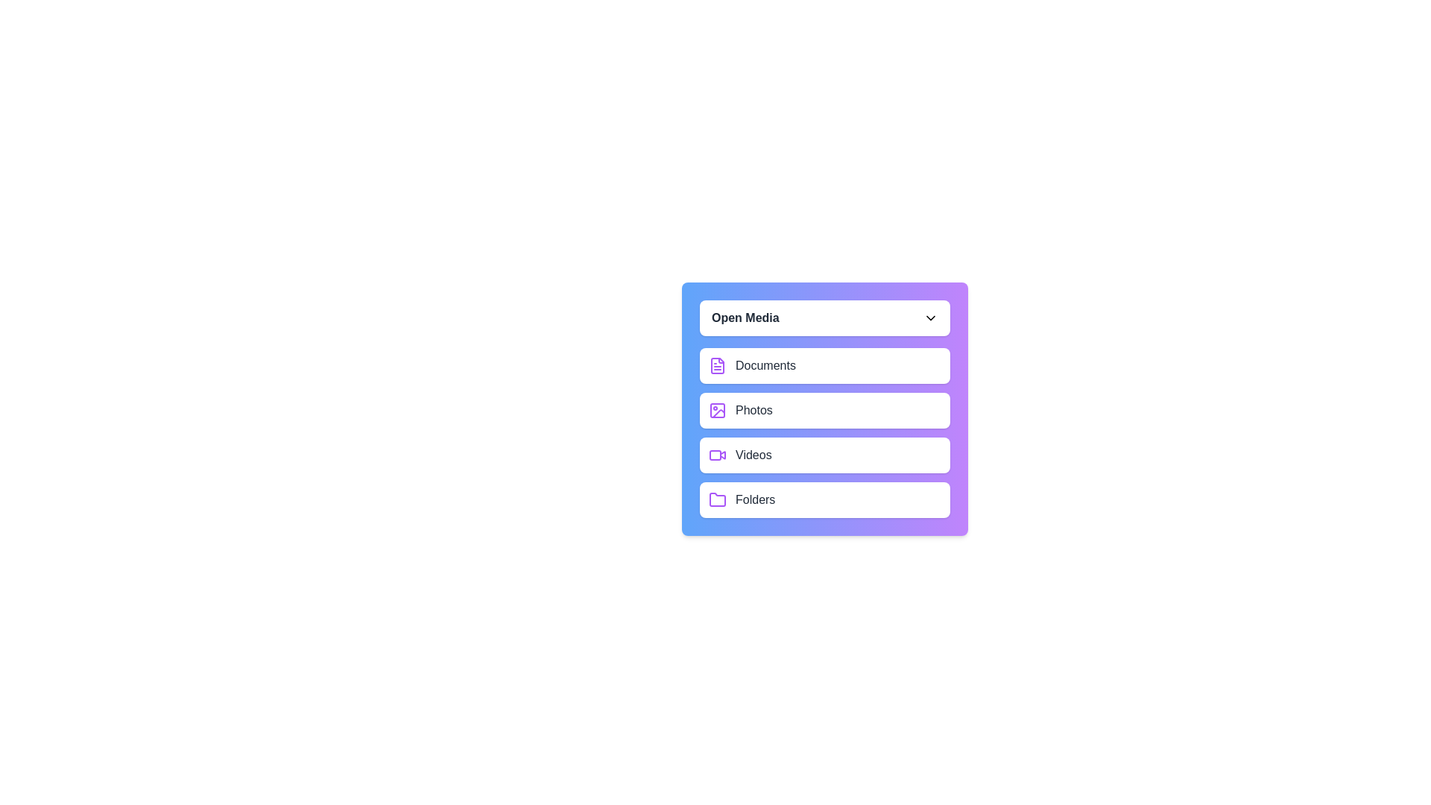  I want to click on the 'Videos' icon located in the third row of media categories, so click(718, 454).